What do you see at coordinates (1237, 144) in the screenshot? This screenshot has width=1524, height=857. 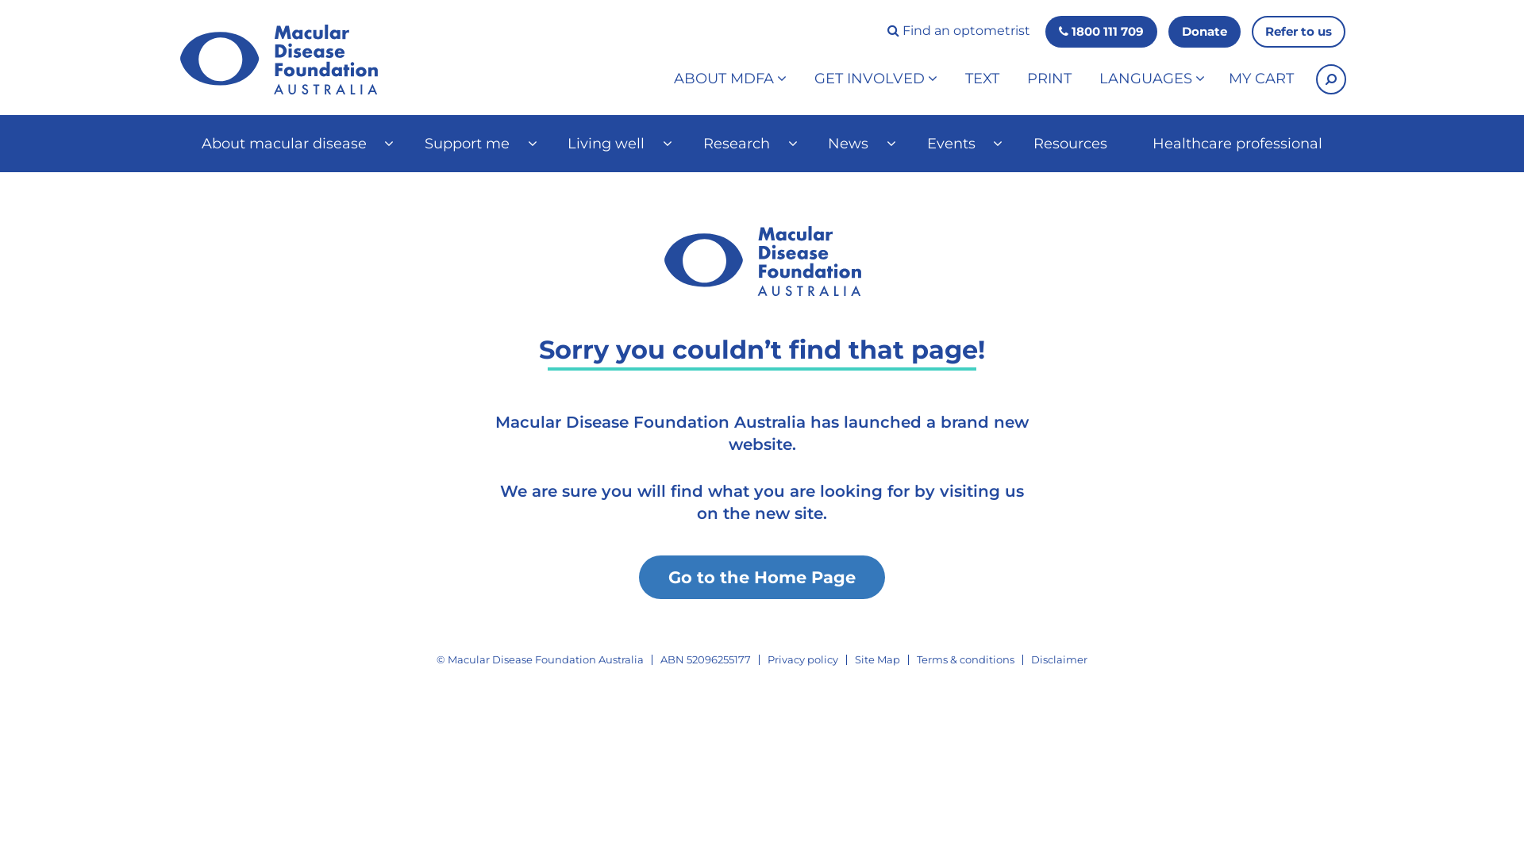 I see `'Healthcare professional'` at bounding box center [1237, 144].